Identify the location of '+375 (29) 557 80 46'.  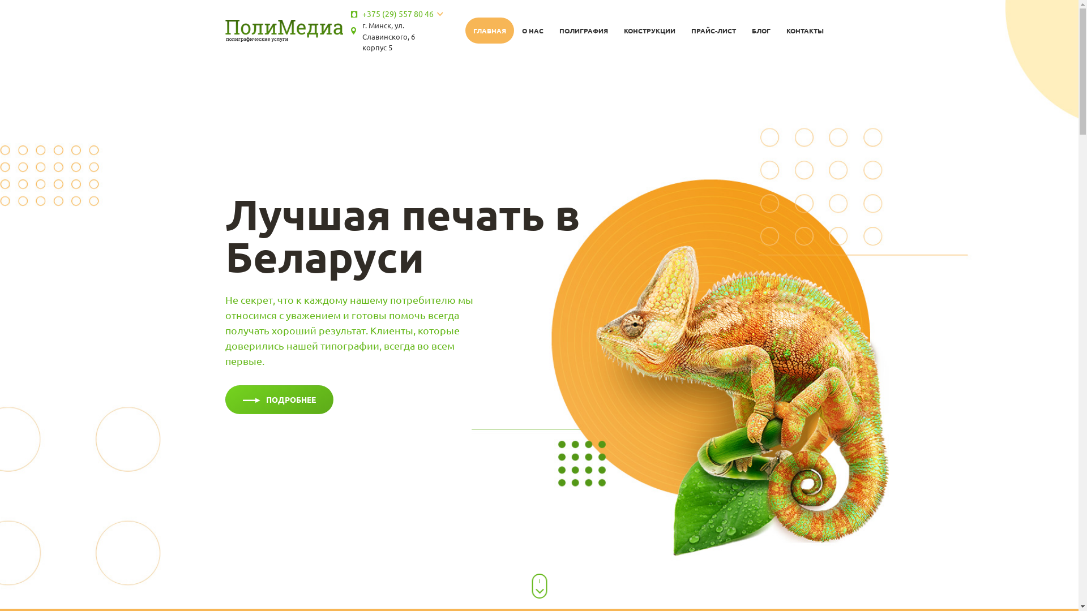
(397, 13).